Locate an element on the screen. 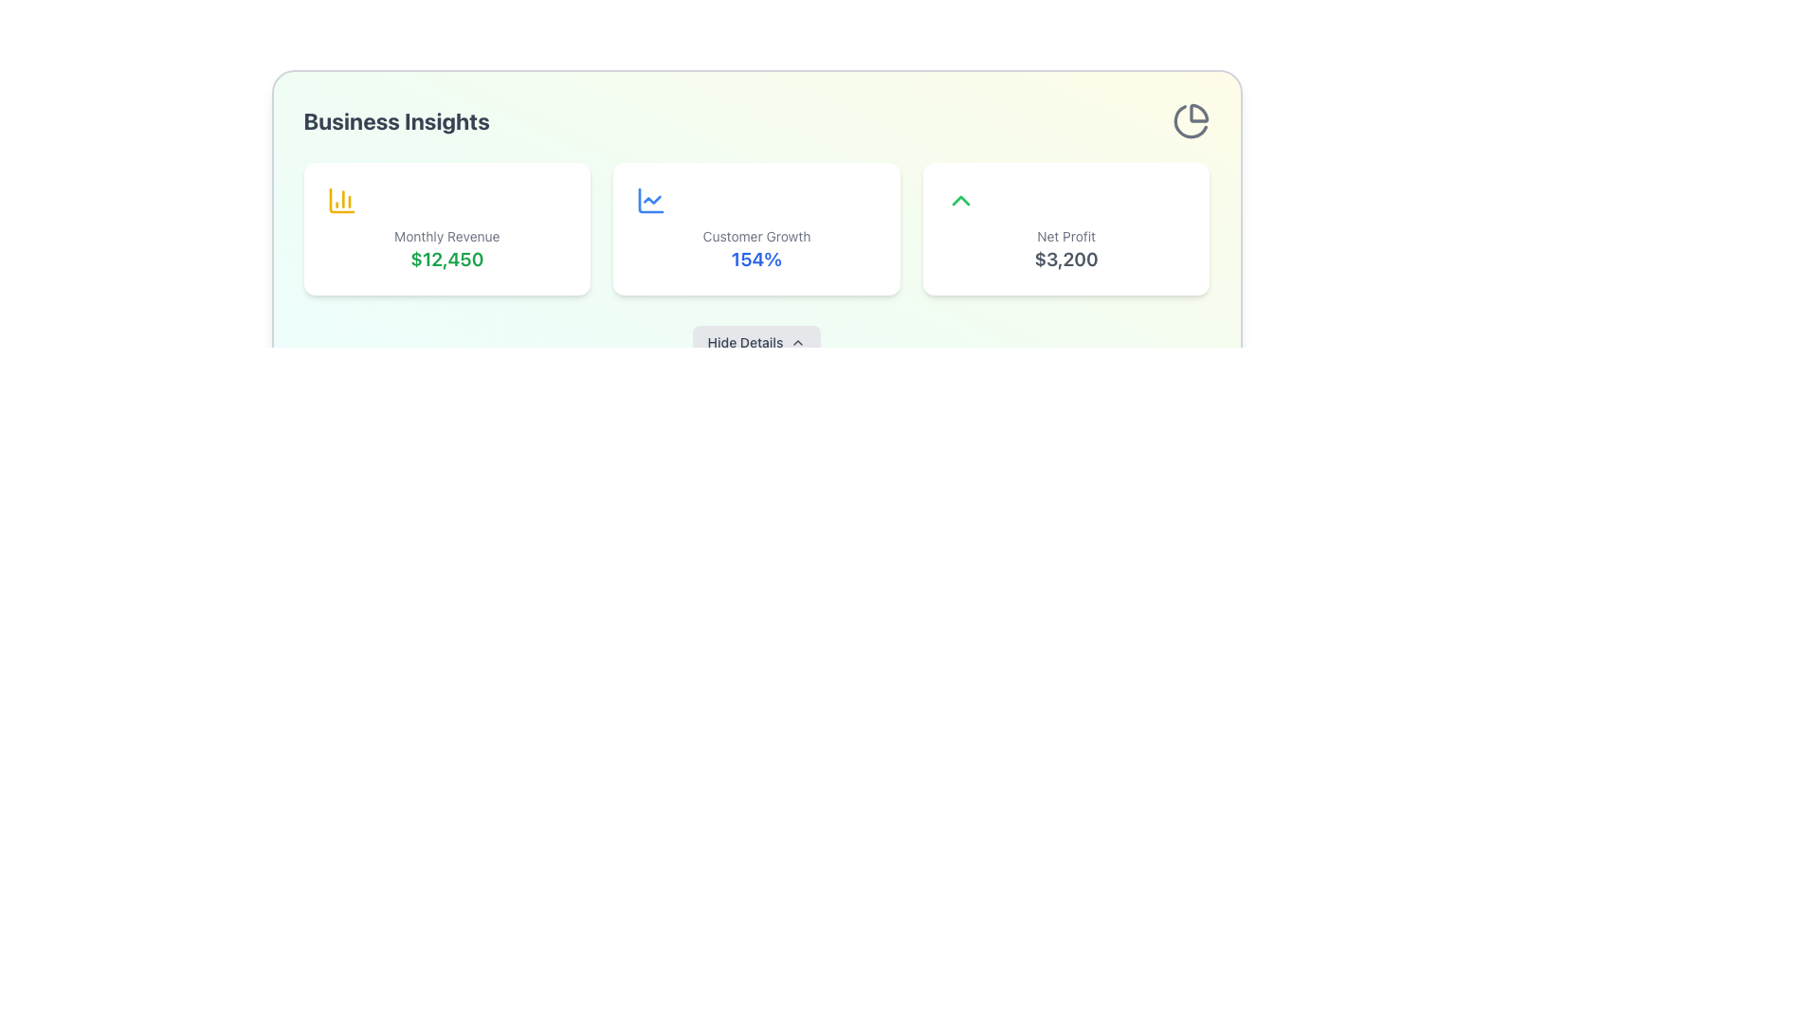  the 'Customer Growth' card, the second card in the grid layout beneath the 'Business Insights' heading, to interact with any available options is located at coordinates (755, 228).